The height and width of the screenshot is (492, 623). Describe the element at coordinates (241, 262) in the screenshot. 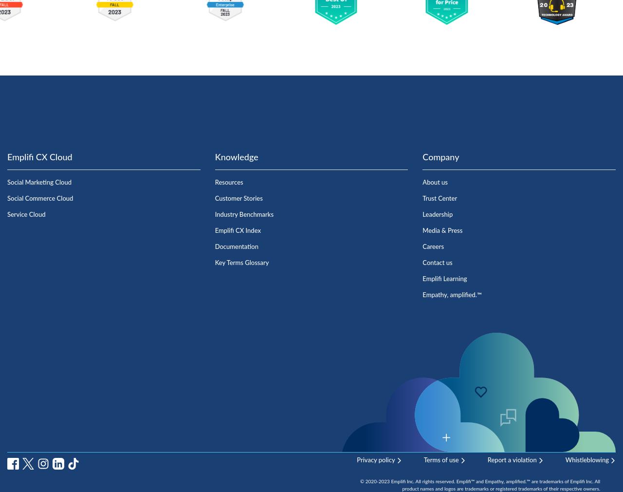

I see `'Key Terms Glossary'` at that location.